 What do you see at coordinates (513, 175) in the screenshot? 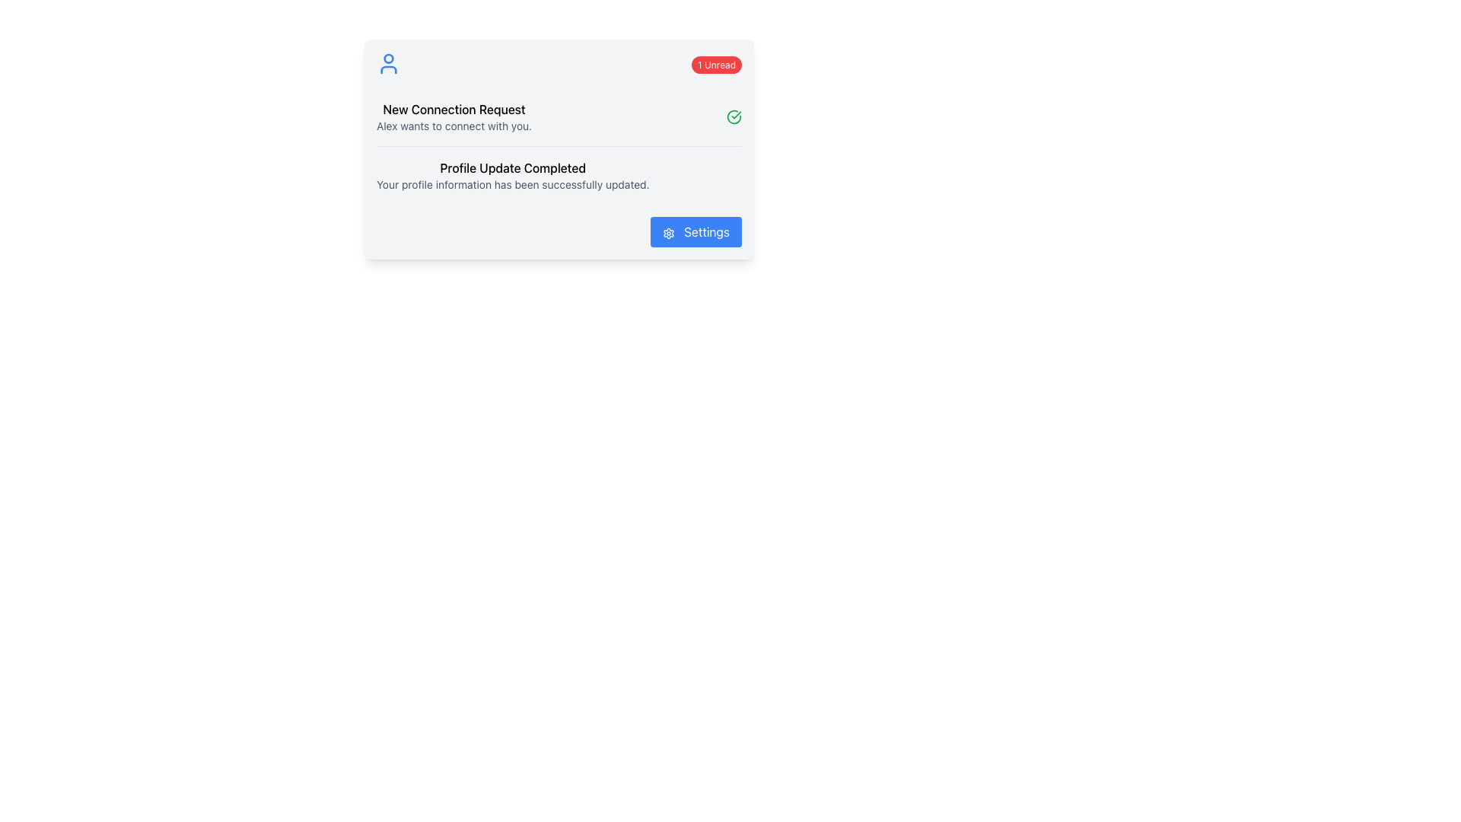
I see `the static notification message displaying 'Profile Update Completed' and 'Your profile information has been successfully updated'` at bounding box center [513, 175].